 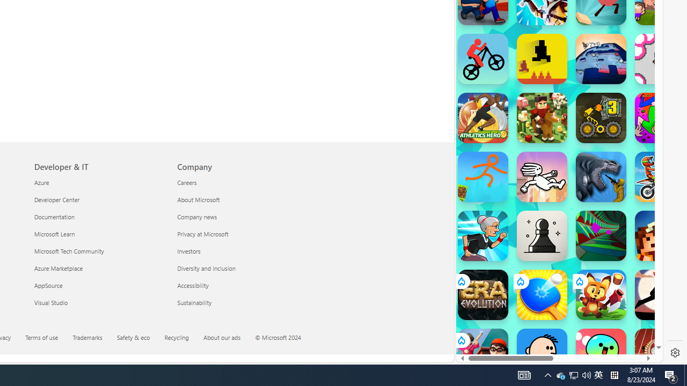 What do you see at coordinates (542, 353) in the screenshot?
I see `'Poor Eddie'` at bounding box center [542, 353].